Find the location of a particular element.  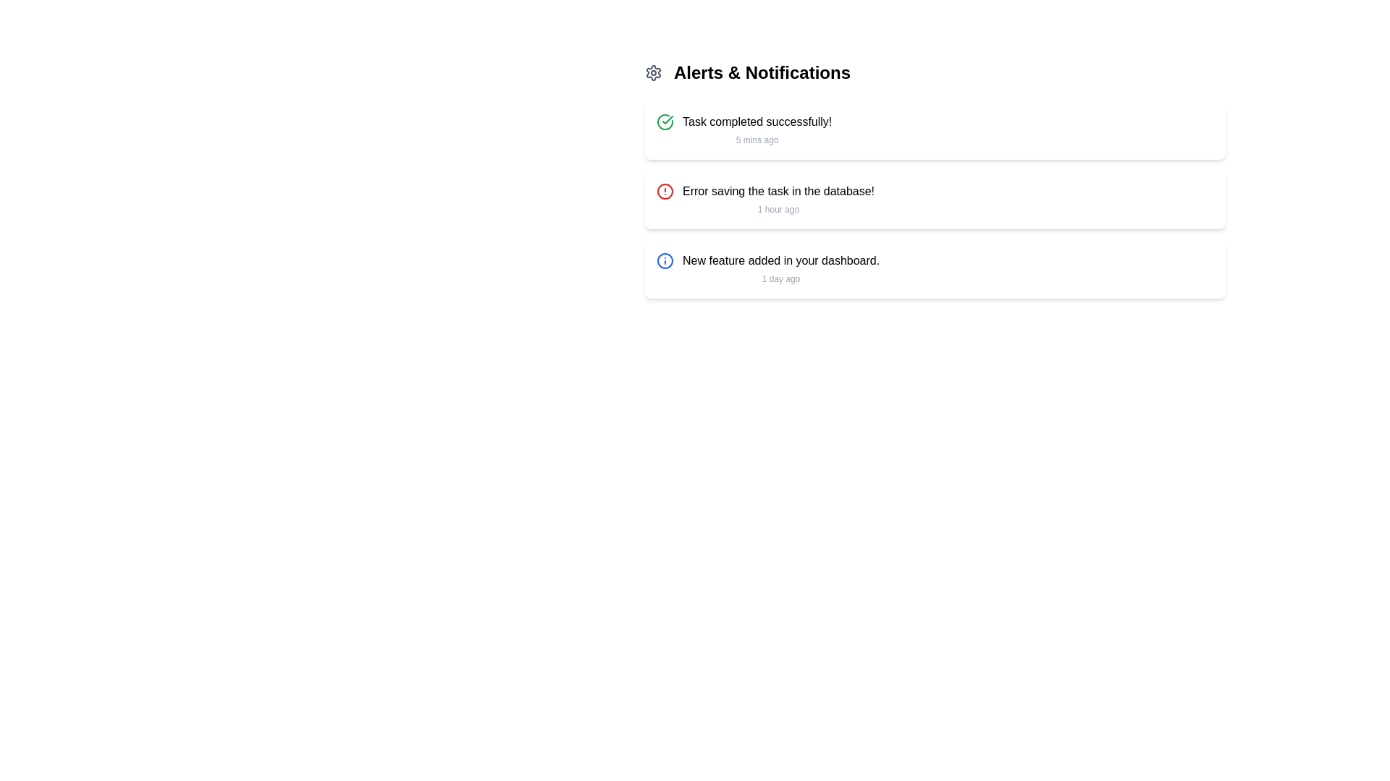

error notification message about task saving in the database, which is located between the 'Task completed successfully!' and 'New feature added in your dashboard.' notifications is located at coordinates (778, 200).